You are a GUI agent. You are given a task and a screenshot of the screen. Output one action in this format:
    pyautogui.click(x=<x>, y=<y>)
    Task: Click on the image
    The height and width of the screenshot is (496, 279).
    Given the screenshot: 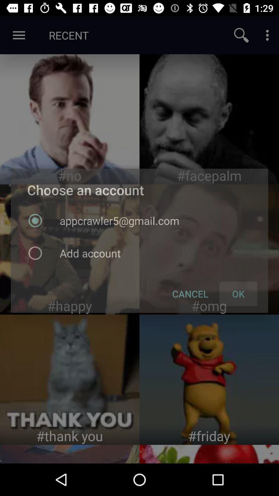 What is the action you would take?
    pyautogui.click(x=70, y=119)
    